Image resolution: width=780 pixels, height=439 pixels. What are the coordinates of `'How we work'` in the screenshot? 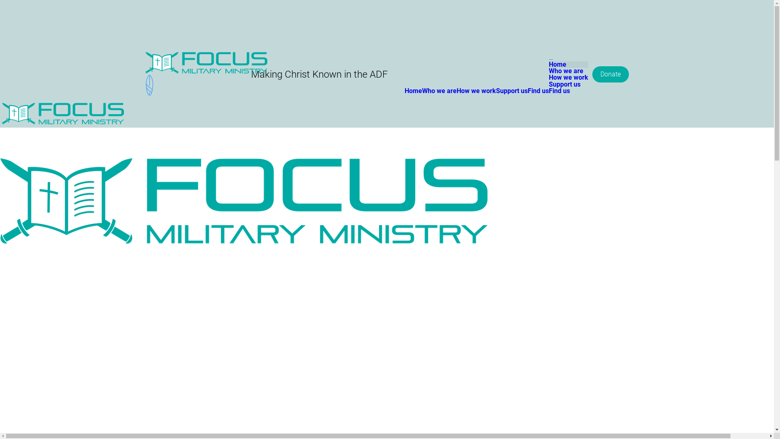 It's located at (568, 77).